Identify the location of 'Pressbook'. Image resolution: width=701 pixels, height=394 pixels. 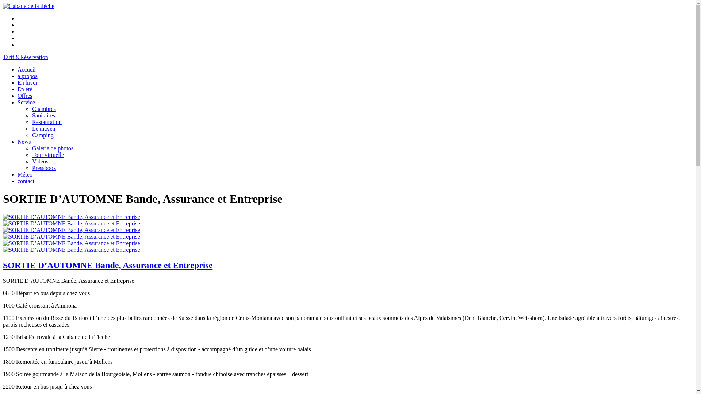
(43, 168).